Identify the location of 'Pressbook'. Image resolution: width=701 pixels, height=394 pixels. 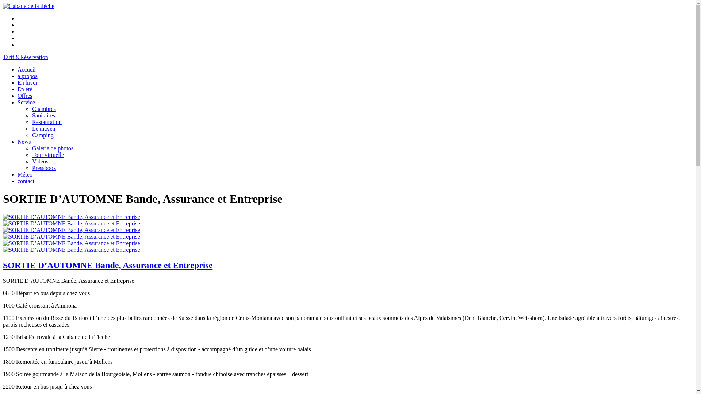
(43, 168).